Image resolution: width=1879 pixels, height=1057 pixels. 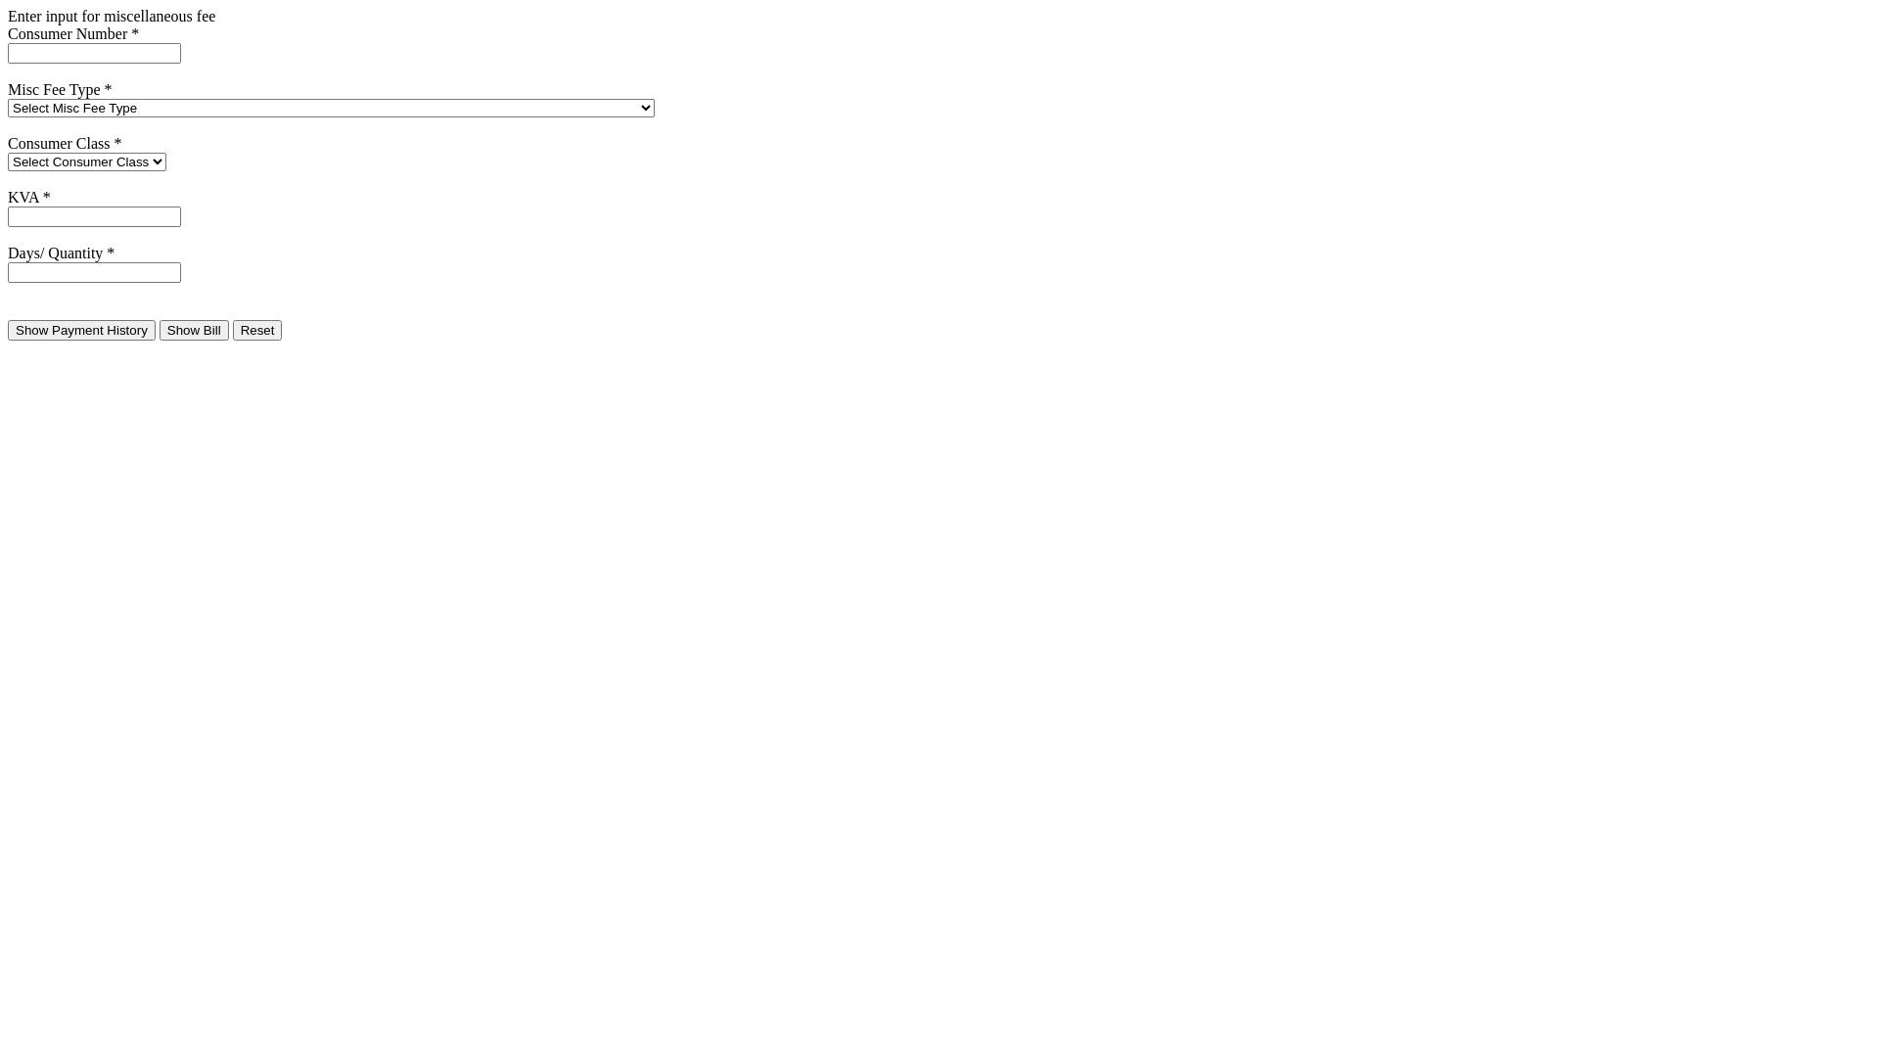 I want to click on 'Show Bill', so click(x=194, y=329).